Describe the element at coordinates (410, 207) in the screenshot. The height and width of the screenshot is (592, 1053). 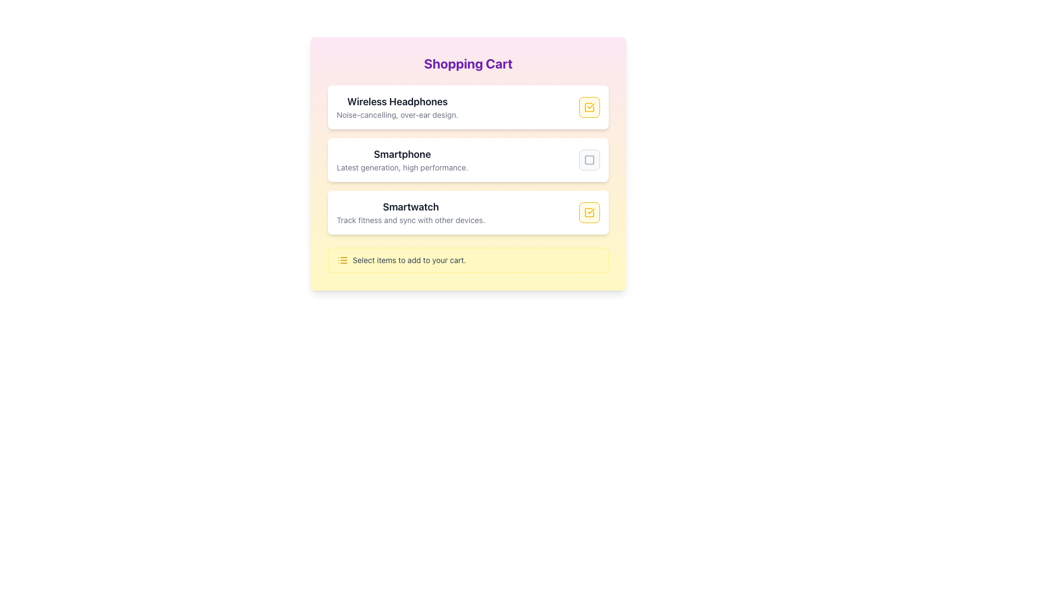
I see `the product name text located in the third card under the 'Shopping Cart' header, which provides visual emphasis for the item listed` at that location.